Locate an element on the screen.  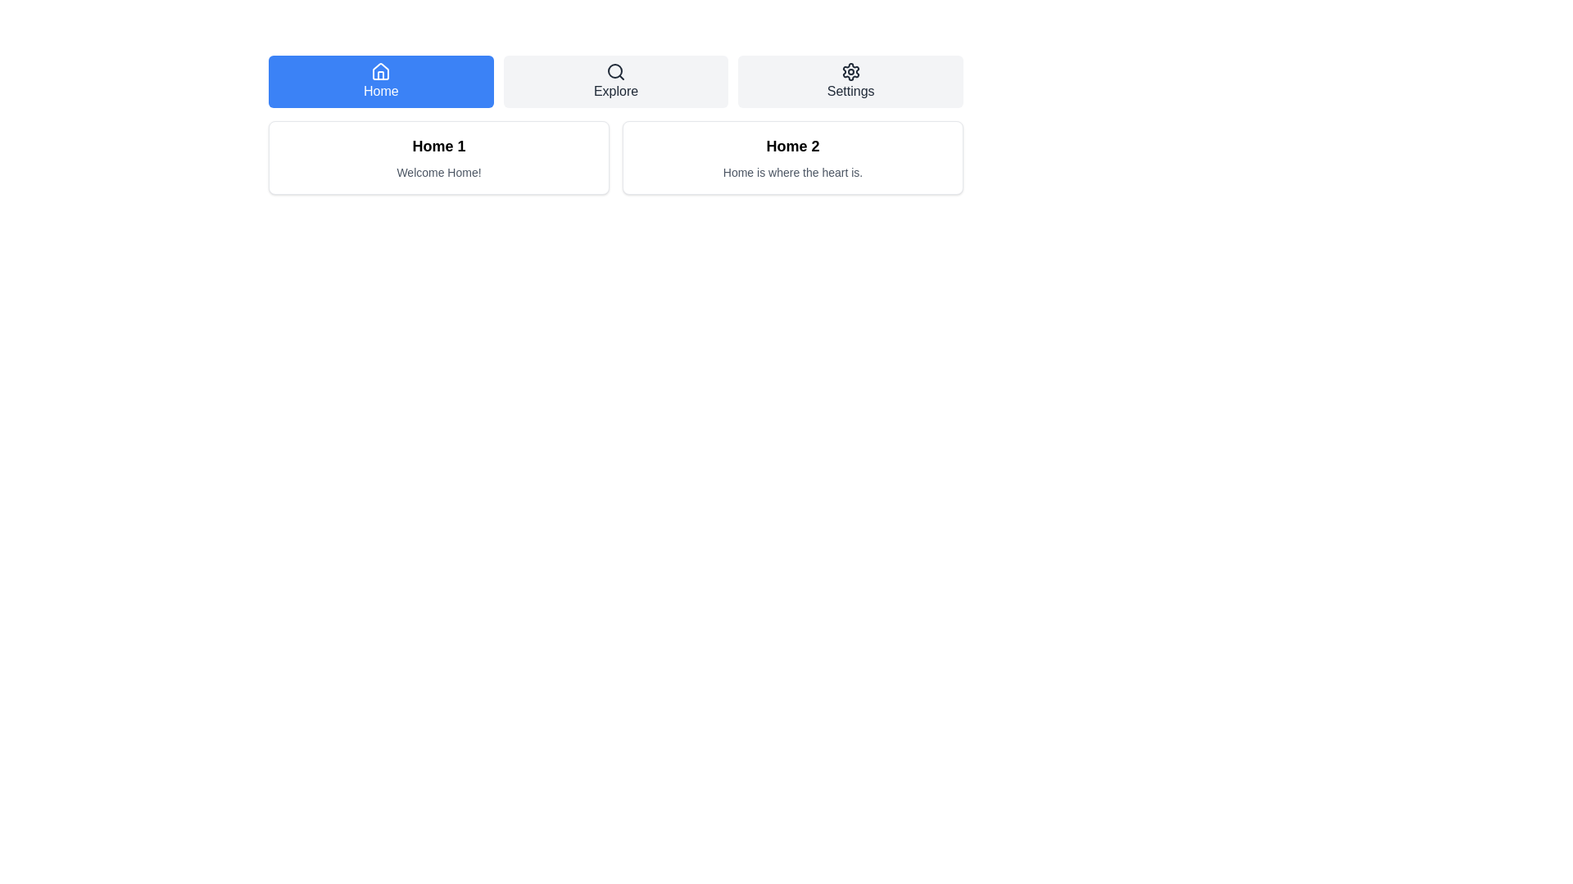
bold text label 'Home 1' located at the top of the card section, which is prominently displayed in a large font size on a white background card is located at coordinates (439, 145).